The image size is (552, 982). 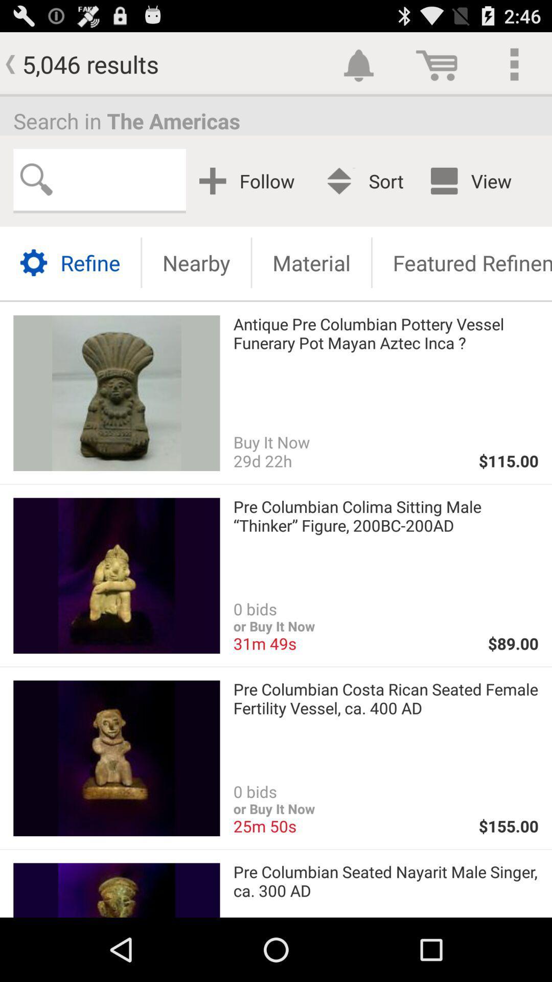 I want to click on the material item, so click(x=311, y=262).